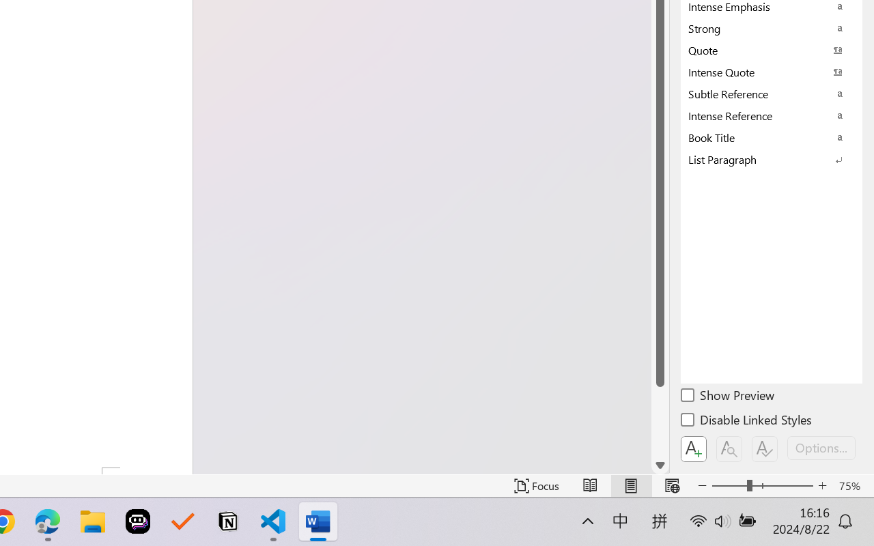  What do you see at coordinates (761, 485) in the screenshot?
I see `'Zoom'` at bounding box center [761, 485].